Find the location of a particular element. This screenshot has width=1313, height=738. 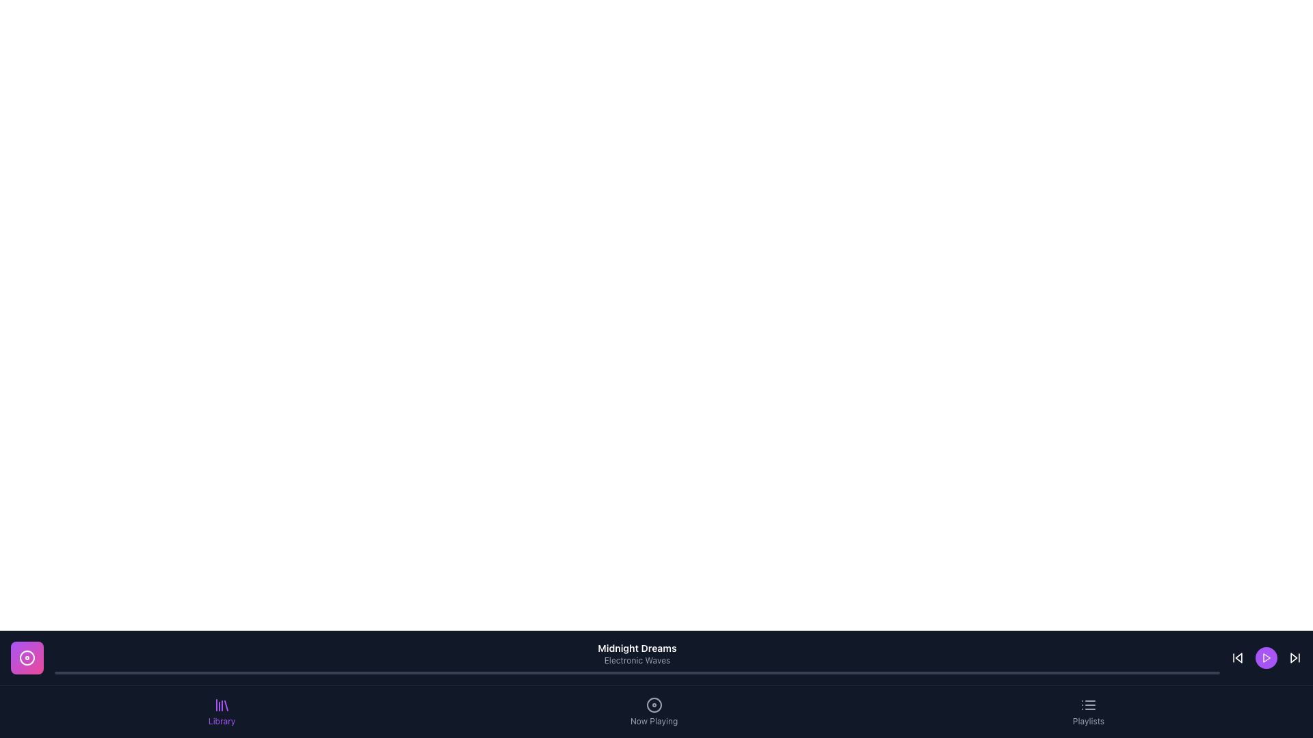

the static label indicating the current playback status, which is located beneath a circular graphical icon in the bottom navigation bar is located at coordinates (653, 721).